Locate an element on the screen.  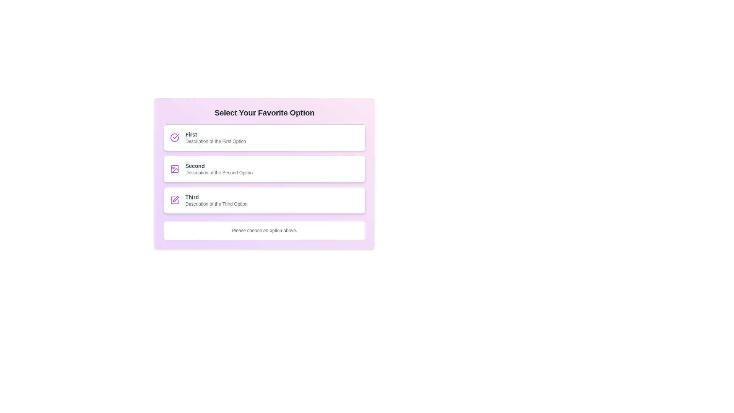
the SVG icon shaped like a pen, which is located to the left of the 'Third' option in the list, indicating editing or writing functionalities is located at coordinates (175, 198).